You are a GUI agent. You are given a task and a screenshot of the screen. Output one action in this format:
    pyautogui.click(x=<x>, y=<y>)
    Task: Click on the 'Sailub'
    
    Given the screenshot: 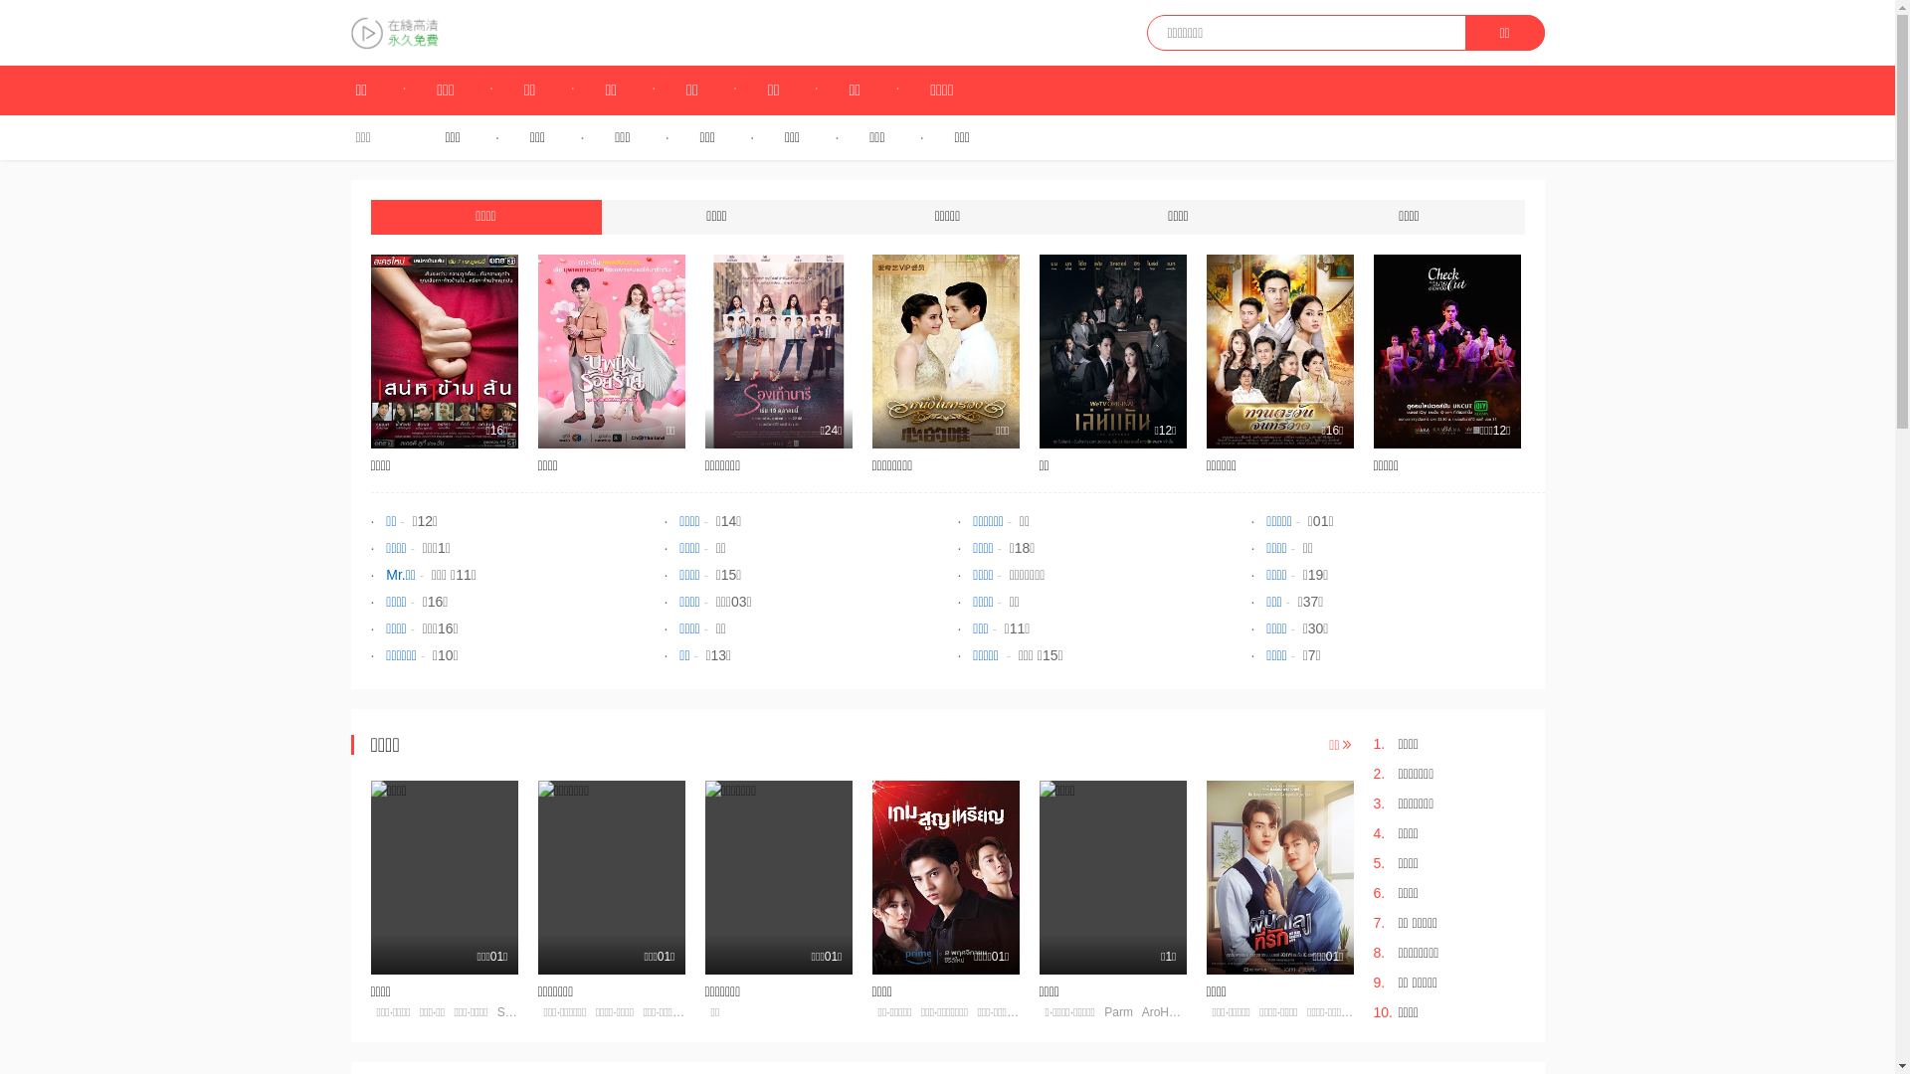 What is the action you would take?
    pyautogui.click(x=513, y=1012)
    